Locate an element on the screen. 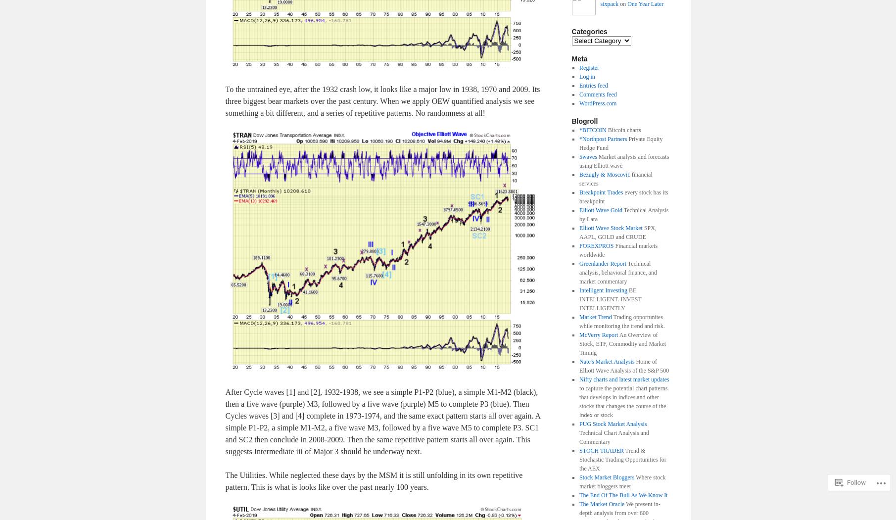 The height and width of the screenshot is (520, 896). '*Northpost Partners' is located at coordinates (603, 138).